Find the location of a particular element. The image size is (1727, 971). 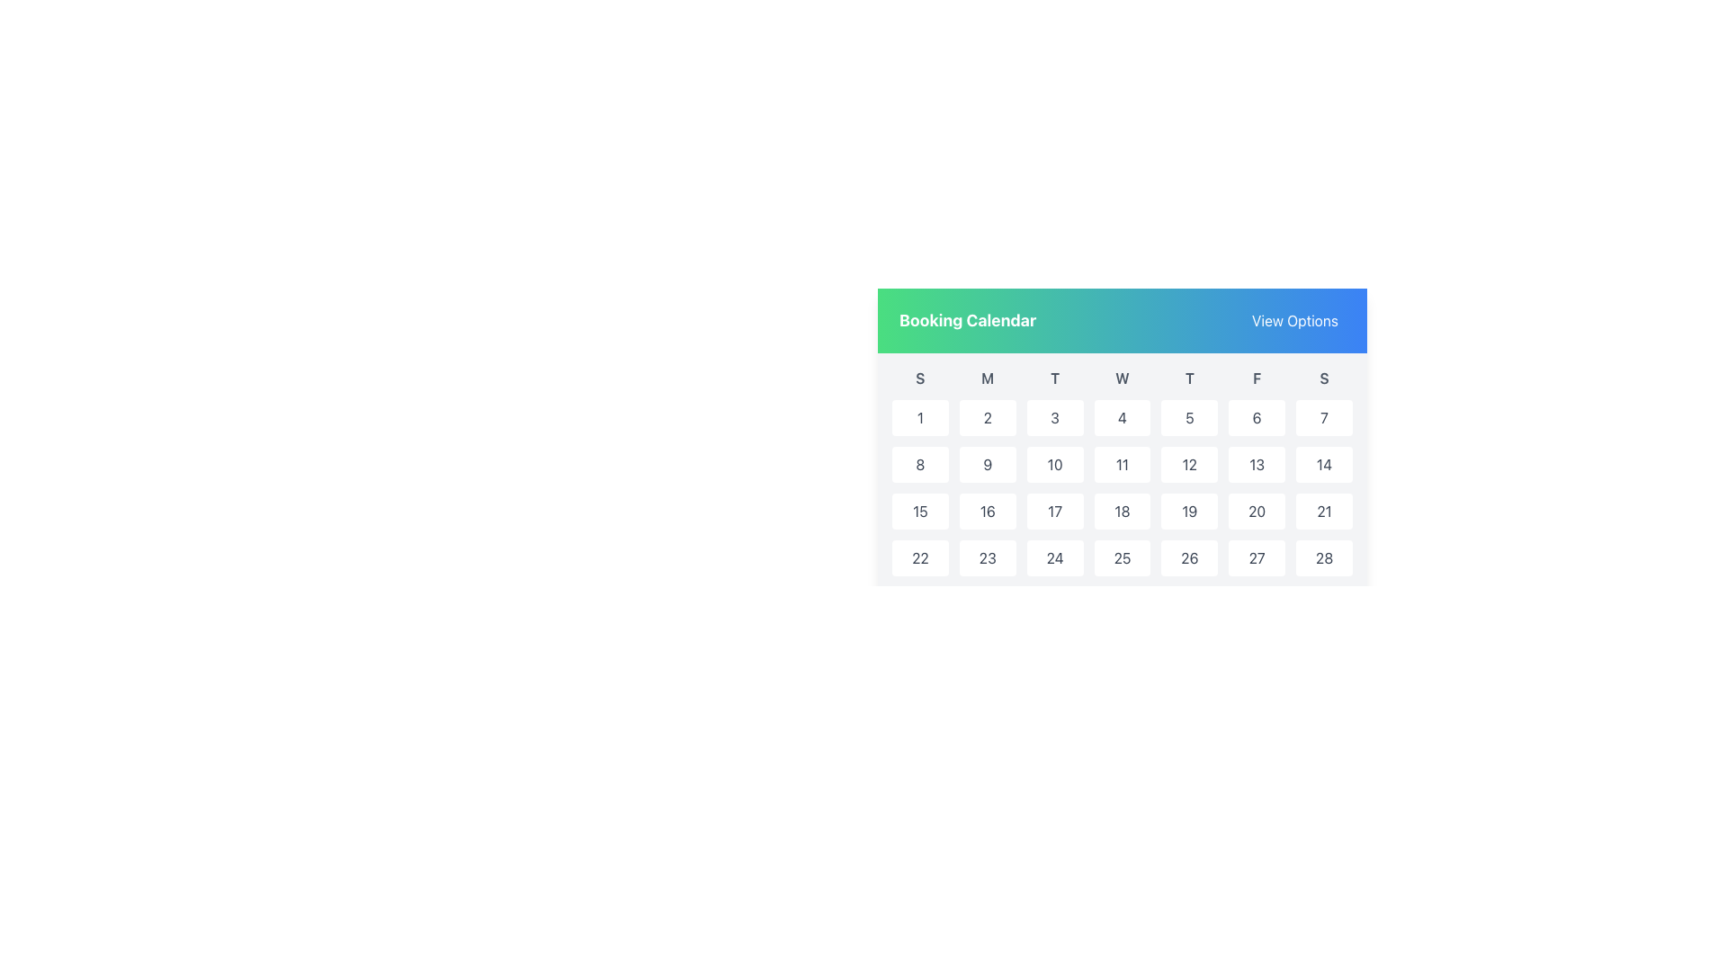

the square-shaped, white, rounded button displaying the number '20' located in the calendar grid under 'F' (Friday) of the third week is located at coordinates (1256, 512).